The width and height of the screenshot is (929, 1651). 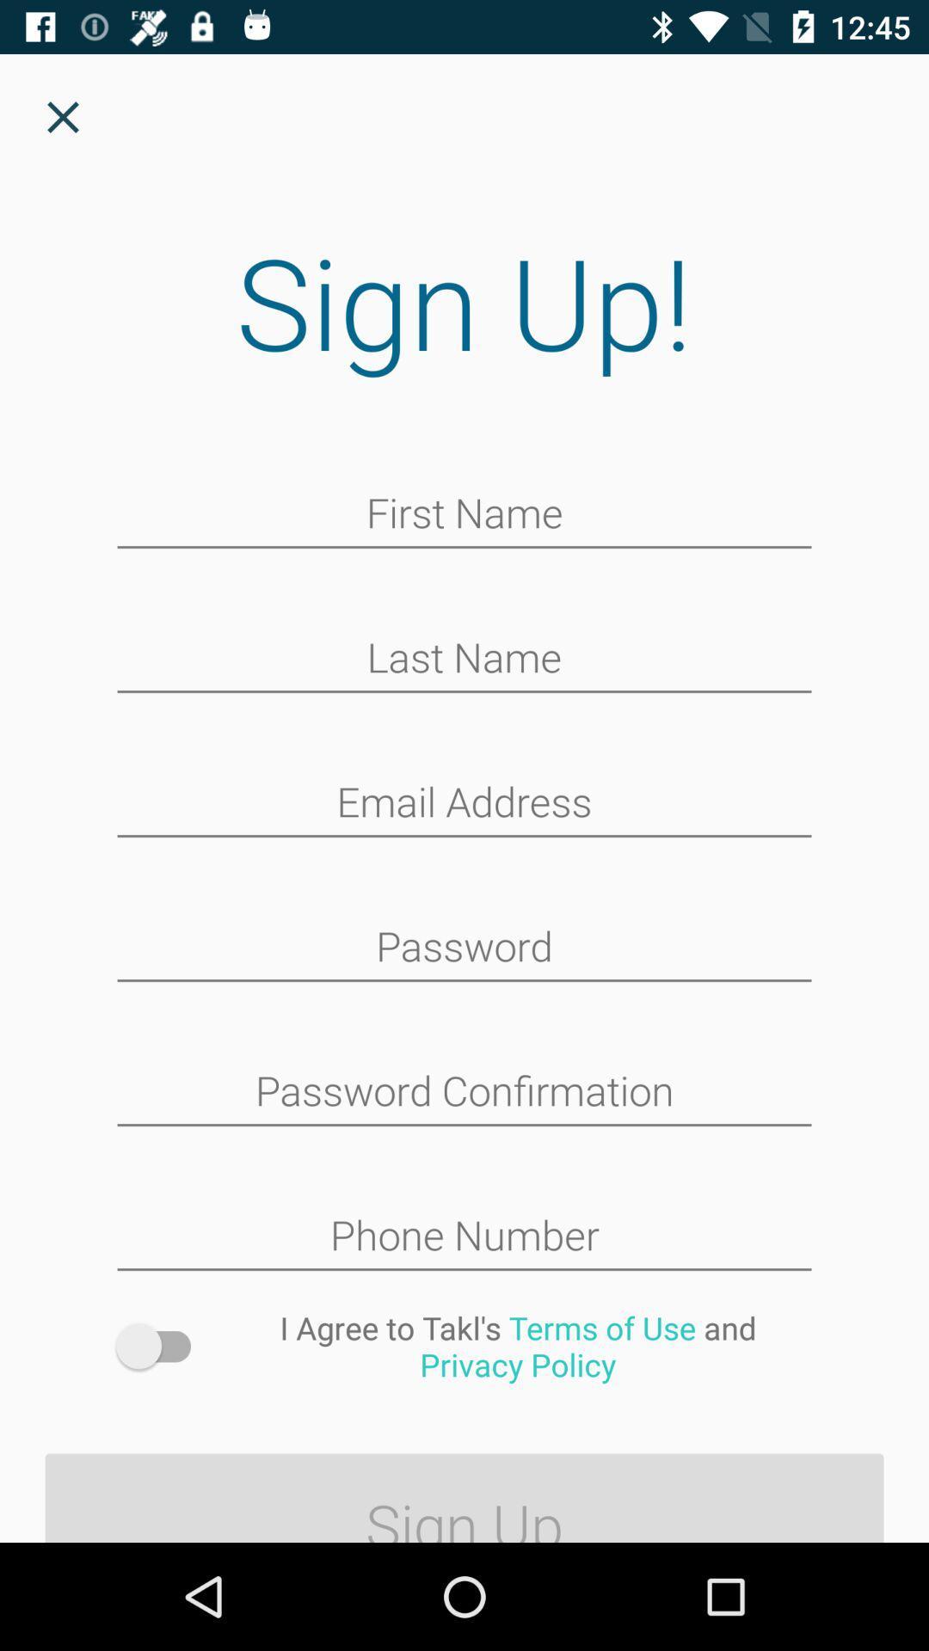 I want to click on icon next to the i agree to icon, so click(x=162, y=1345).